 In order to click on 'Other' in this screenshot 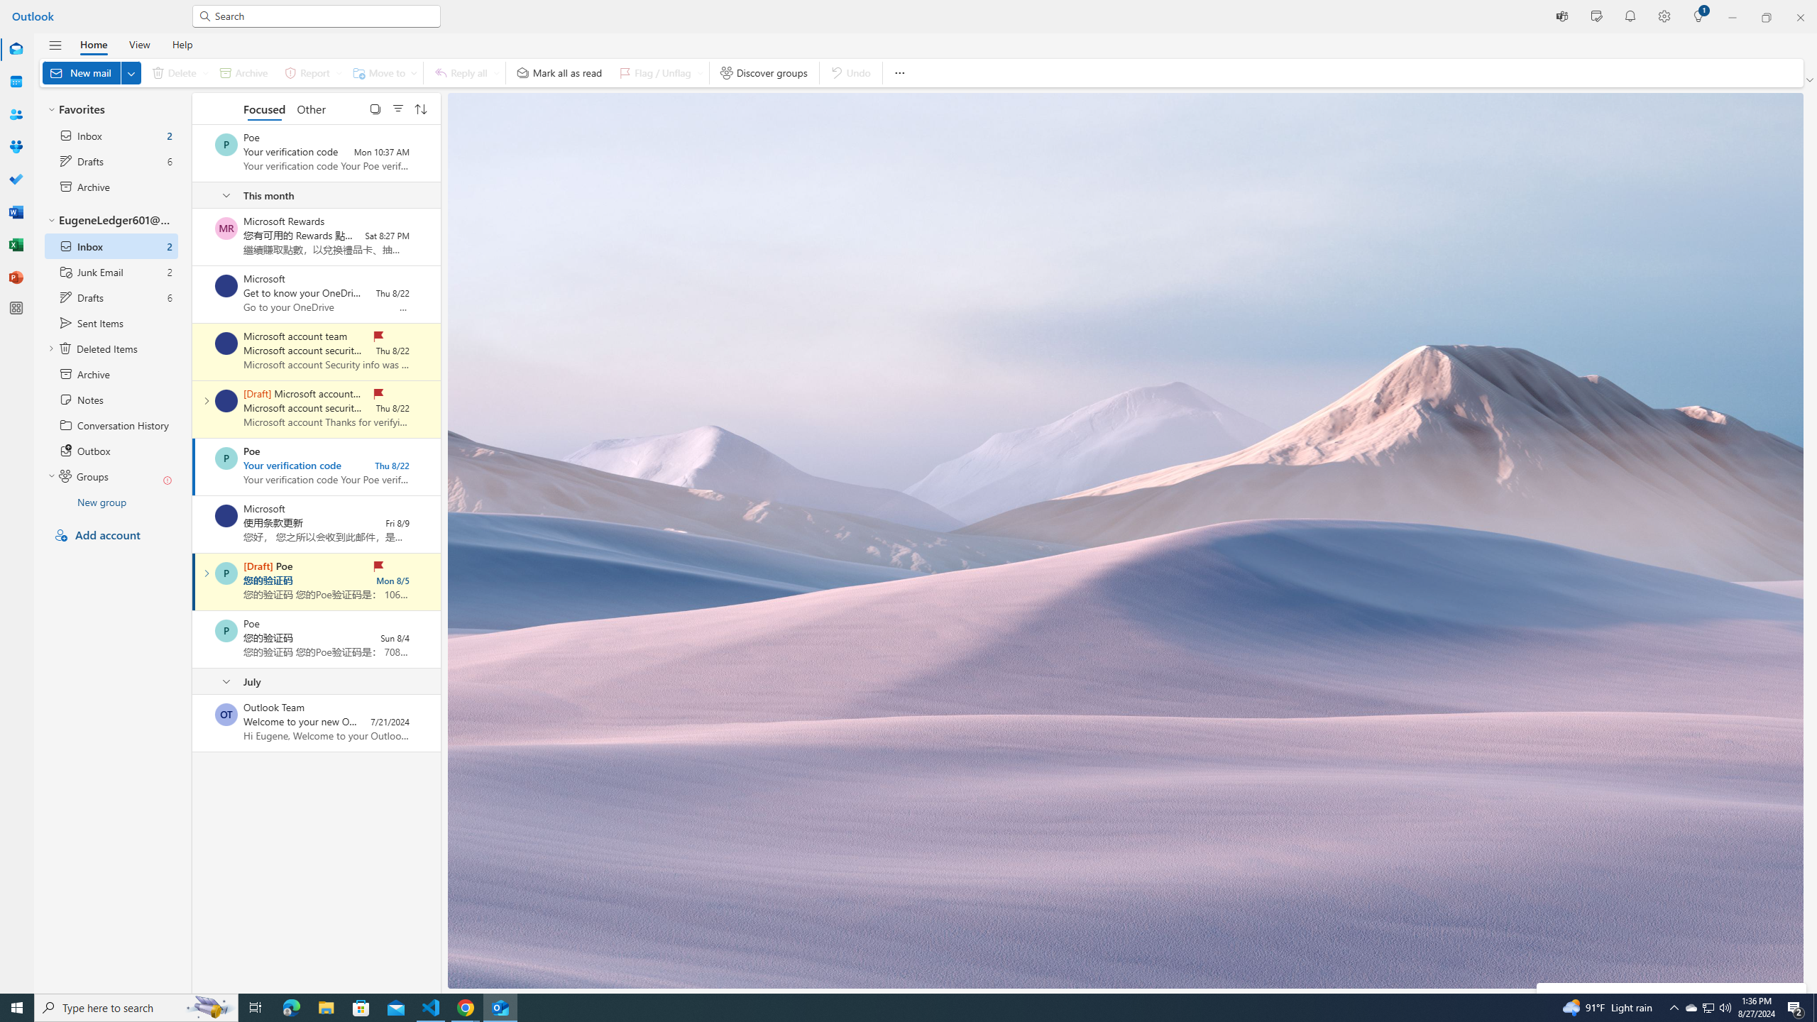, I will do `click(309, 109)`.